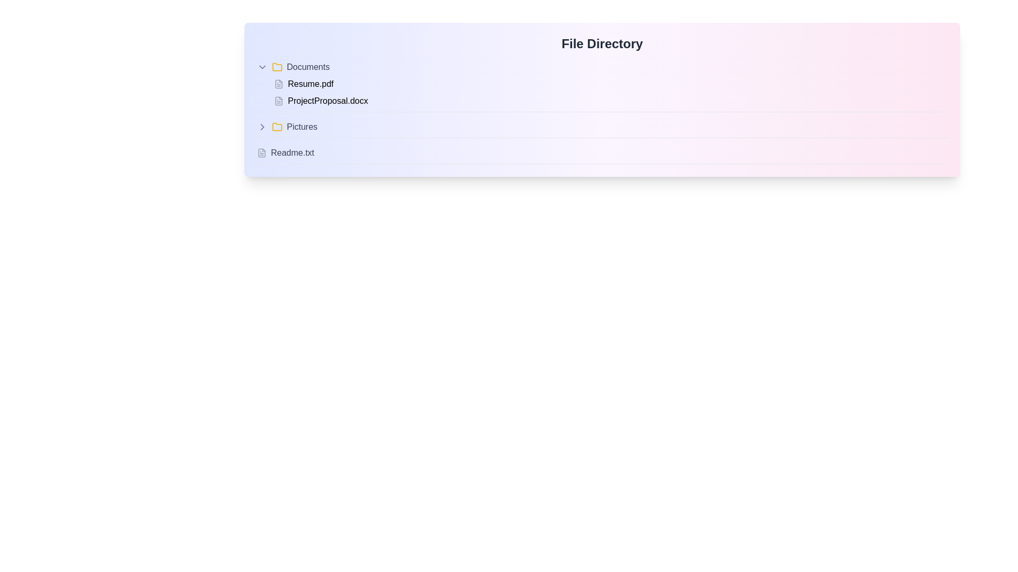 The width and height of the screenshot is (1018, 572). Describe the element at coordinates (262, 126) in the screenshot. I see `the small rightward-pointing chevron icon located to the left of the 'Pictures' folder name in the 'File Directory' interface` at that location.